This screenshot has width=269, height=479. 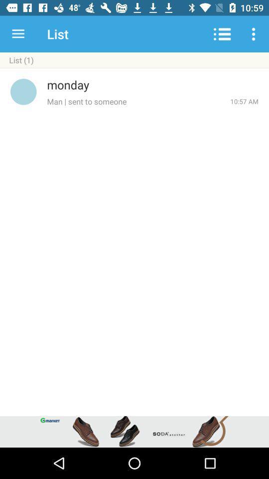 What do you see at coordinates (244, 101) in the screenshot?
I see `the icon below the monday icon` at bounding box center [244, 101].